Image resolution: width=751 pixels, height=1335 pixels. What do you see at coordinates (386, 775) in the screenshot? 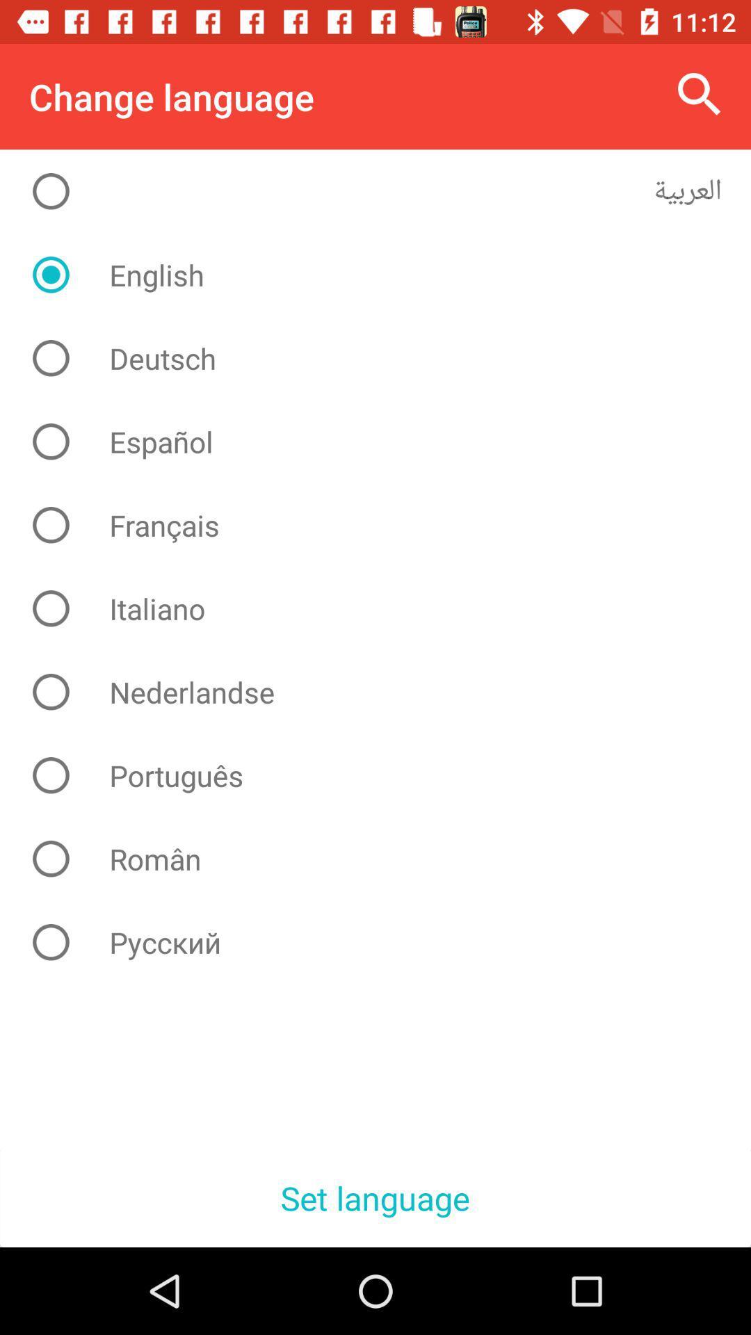
I see `the icon below the nederlandse icon` at bounding box center [386, 775].